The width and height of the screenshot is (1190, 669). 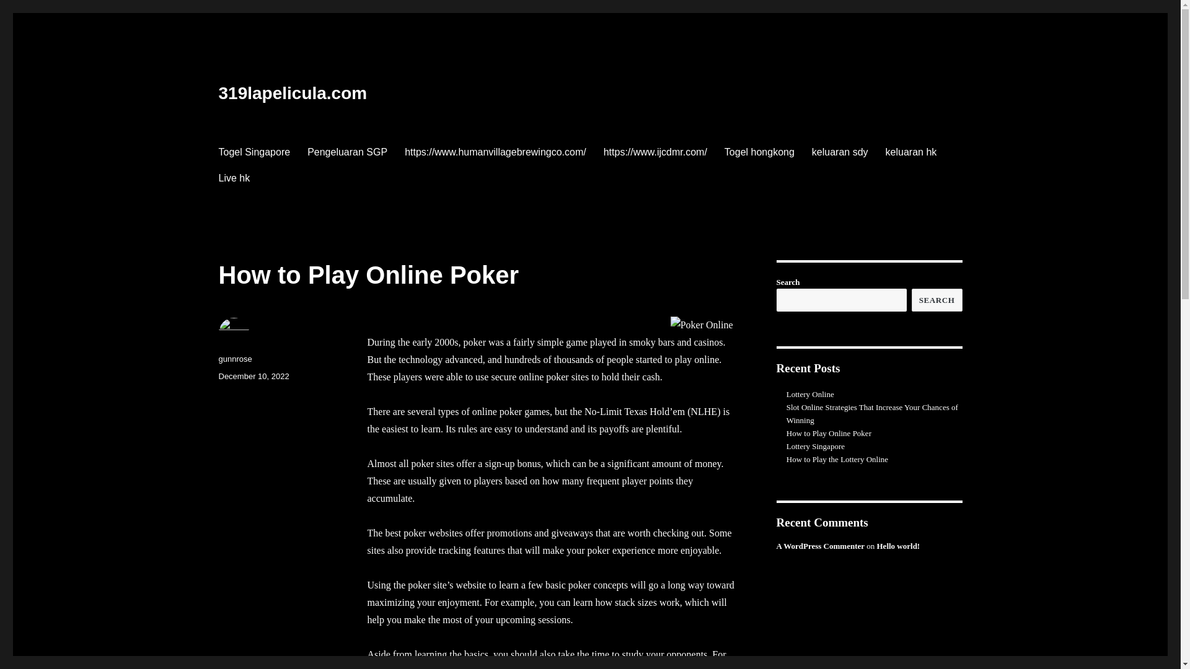 What do you see at coordinates (218, 375) in the screenshot?
I see `'December 10, 2022'` at bounding box center [218, 375].